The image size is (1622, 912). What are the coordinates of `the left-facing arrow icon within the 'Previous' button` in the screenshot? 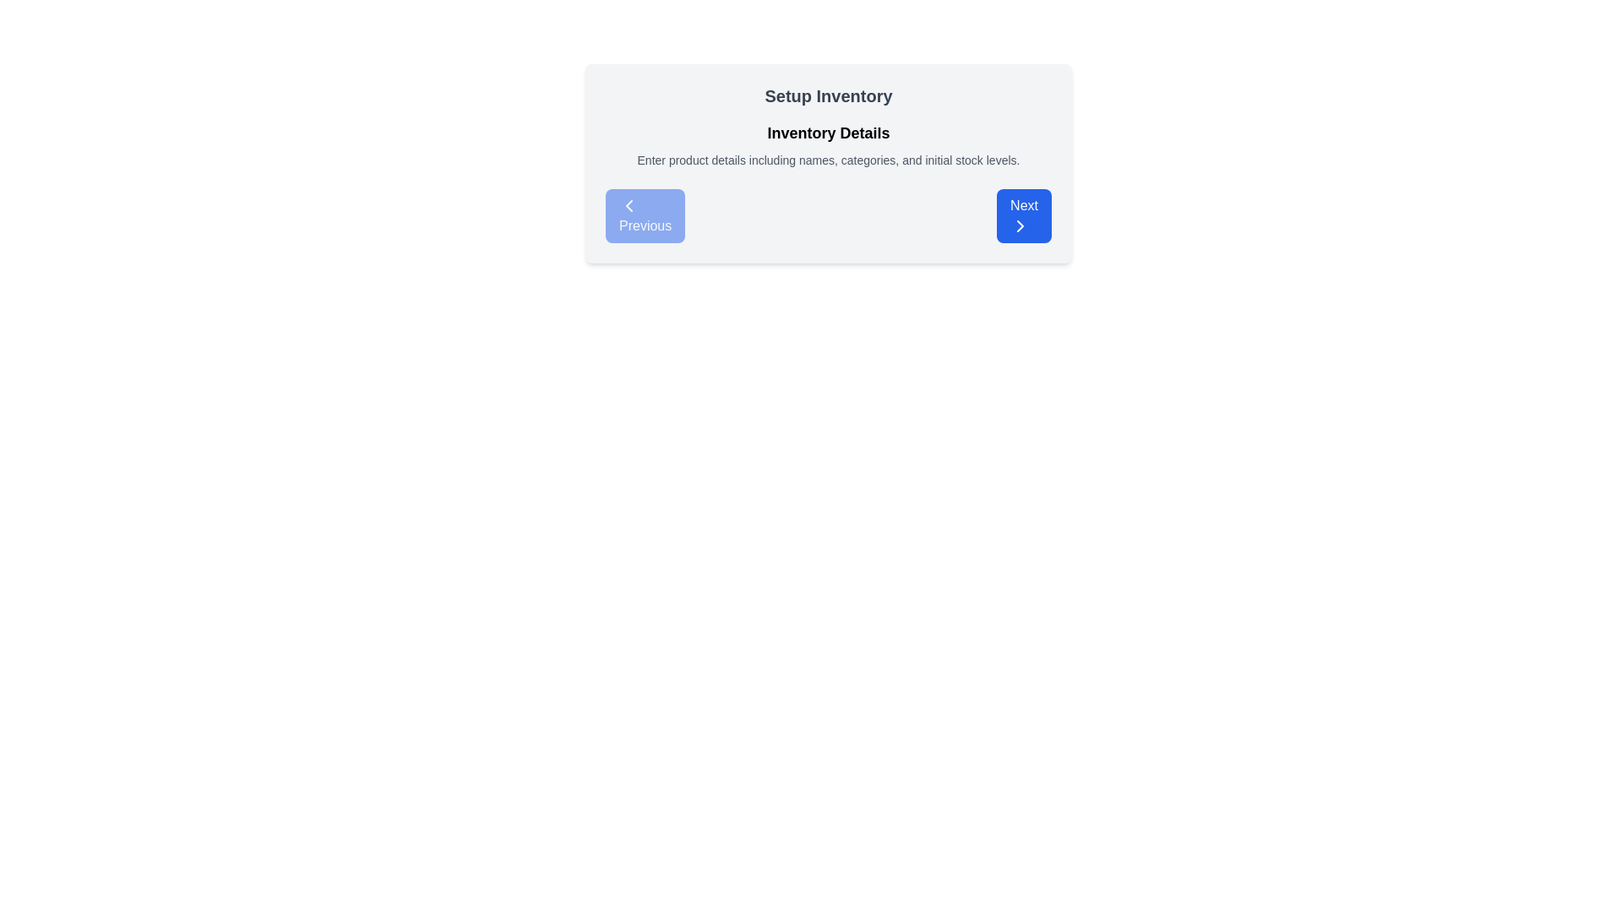 It's located at (628, 204).